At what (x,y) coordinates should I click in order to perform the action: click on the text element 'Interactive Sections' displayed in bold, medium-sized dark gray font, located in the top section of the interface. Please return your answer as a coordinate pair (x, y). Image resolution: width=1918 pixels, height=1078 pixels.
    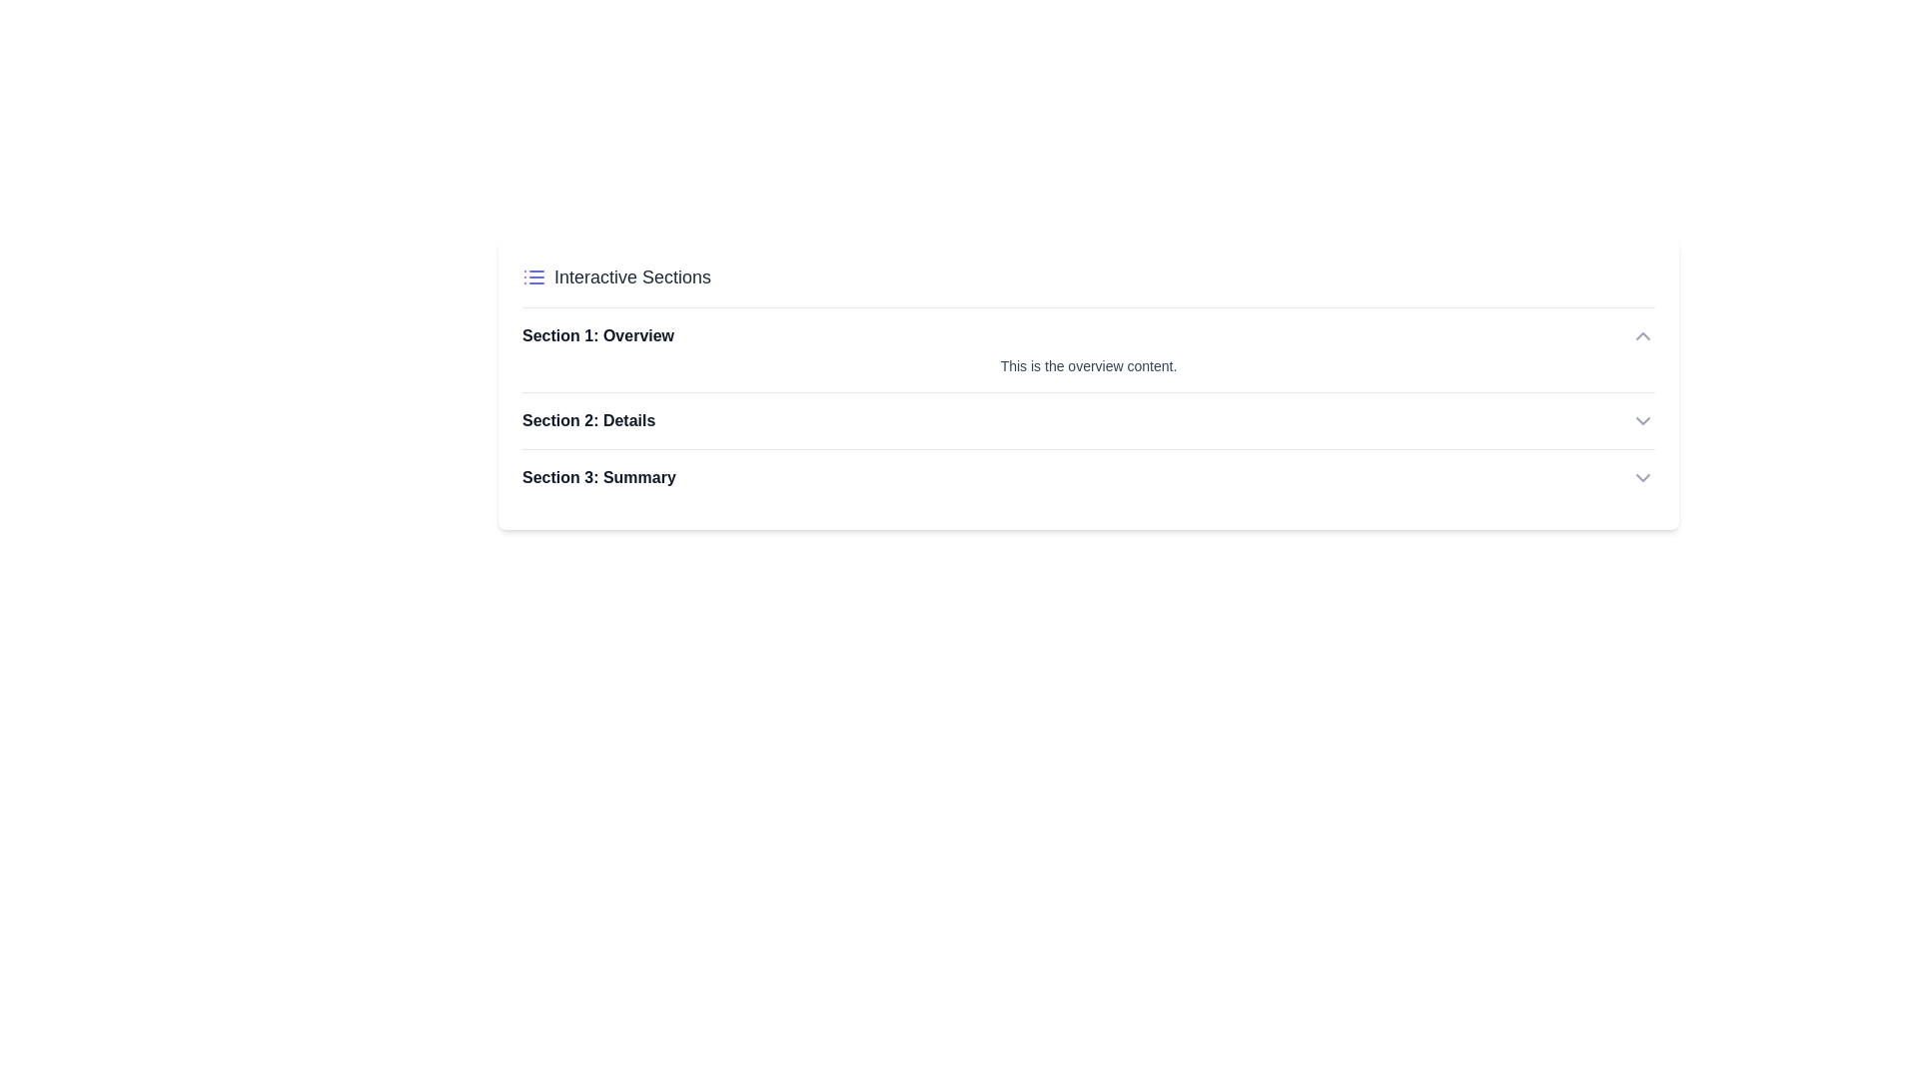
    Looking at the image, I should click on (631, 276).